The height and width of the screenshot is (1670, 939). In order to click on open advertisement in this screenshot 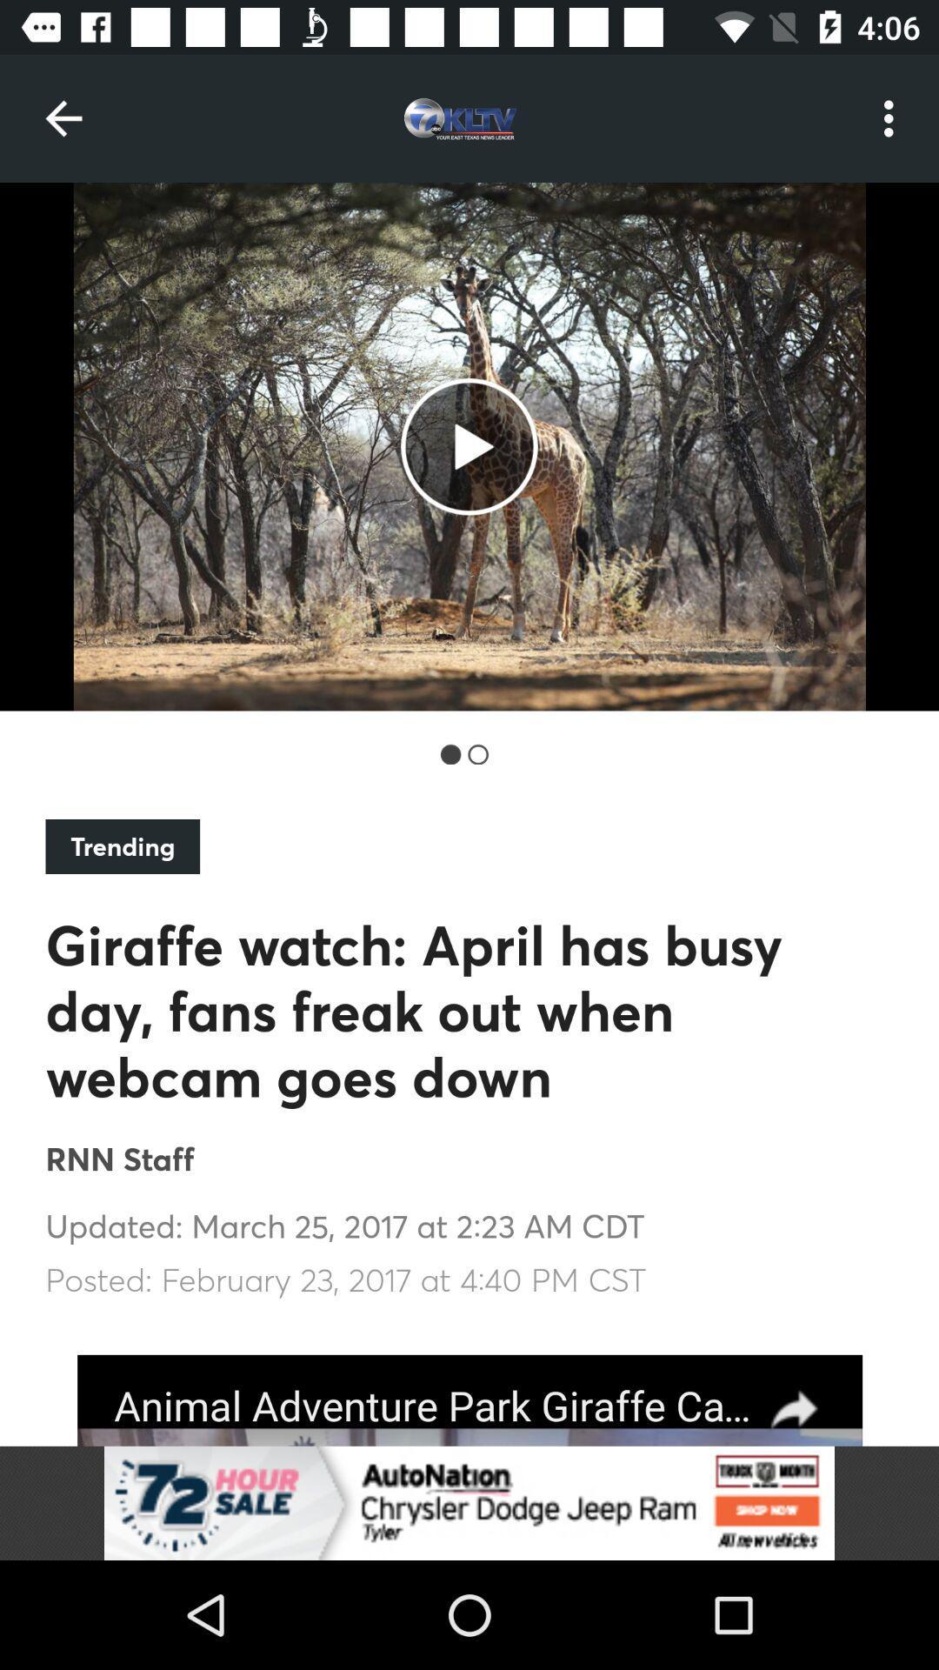, I will do `click(469, 1502)`.